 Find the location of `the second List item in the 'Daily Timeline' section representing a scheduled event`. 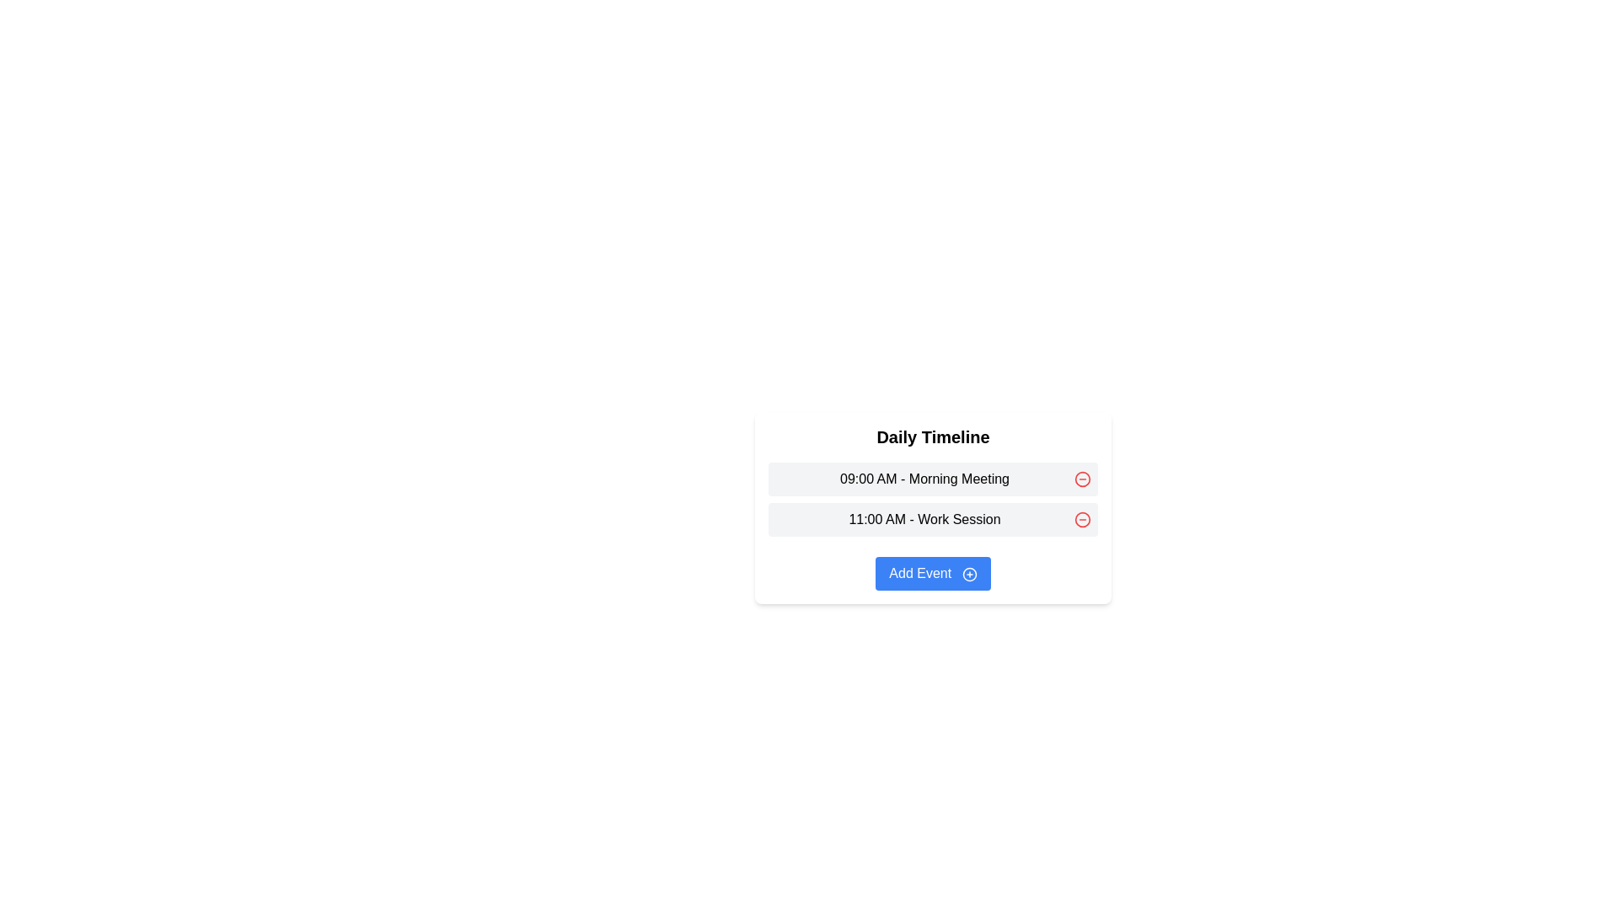

the second List item in the 'Daily Timeline' section representing a scheduled event is located at coordinates (932, 519).